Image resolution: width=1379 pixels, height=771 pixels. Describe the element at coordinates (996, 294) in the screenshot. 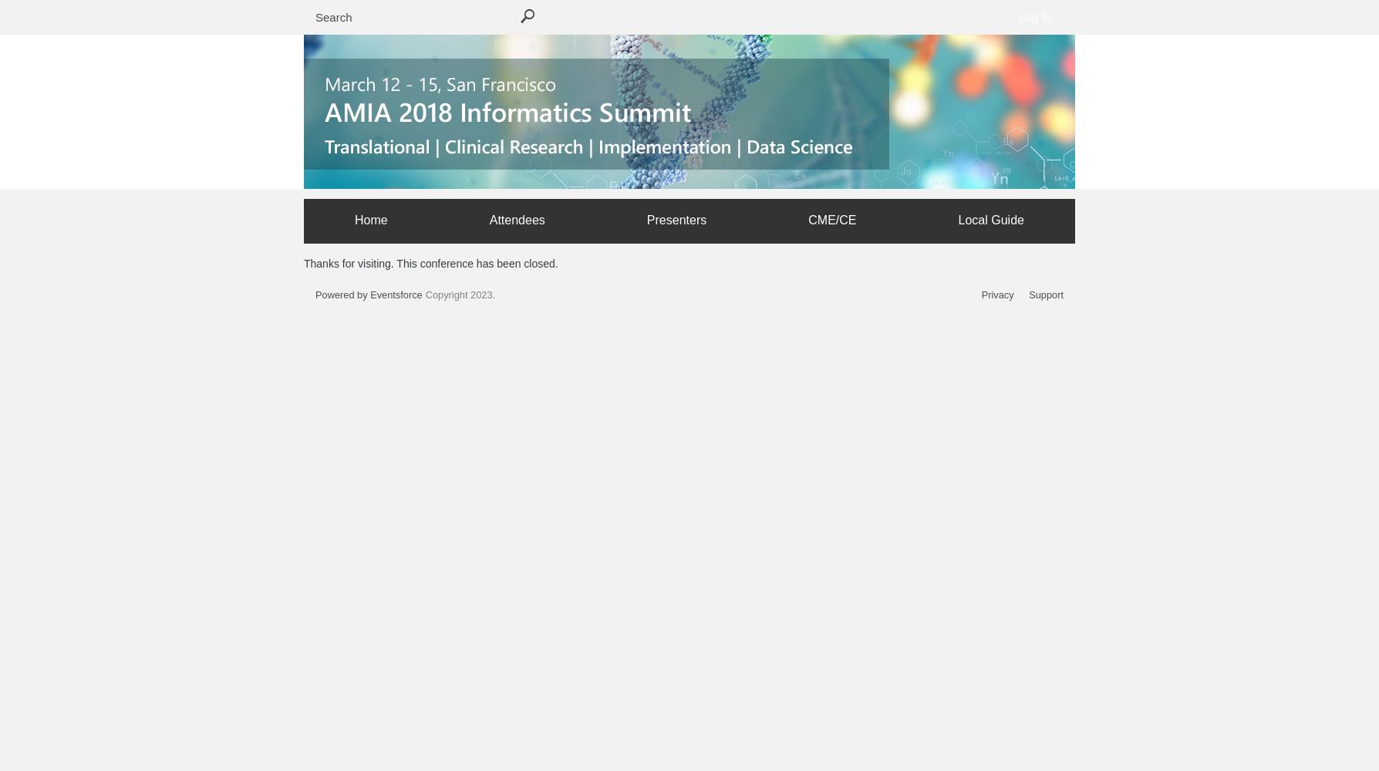

I see `'Privacy'` at that location.